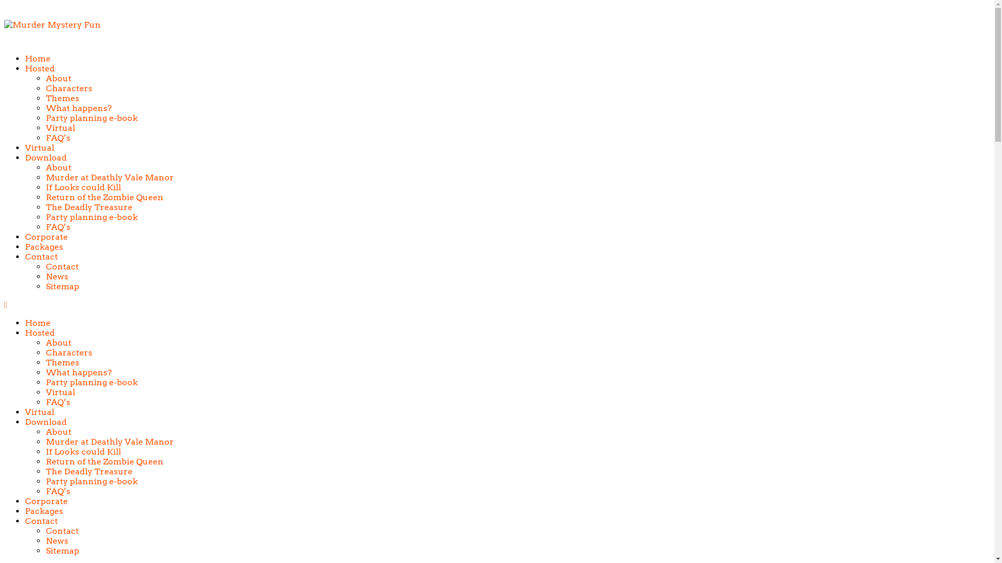 The width and height of the screenshot is (1002, 563). What do you see at coordinates (7, 304) in the screenshot?
I see `' '` at bounding box center [7, 304].